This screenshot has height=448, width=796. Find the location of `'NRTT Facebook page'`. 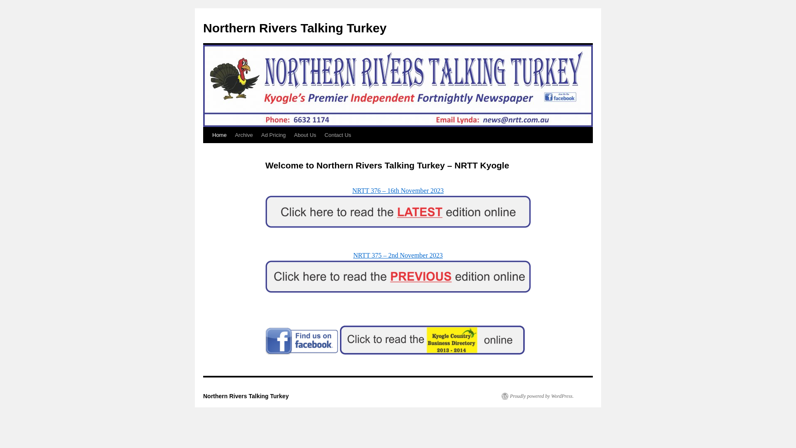

'NRTT Facebook page' is located at coordinates (301, 341).